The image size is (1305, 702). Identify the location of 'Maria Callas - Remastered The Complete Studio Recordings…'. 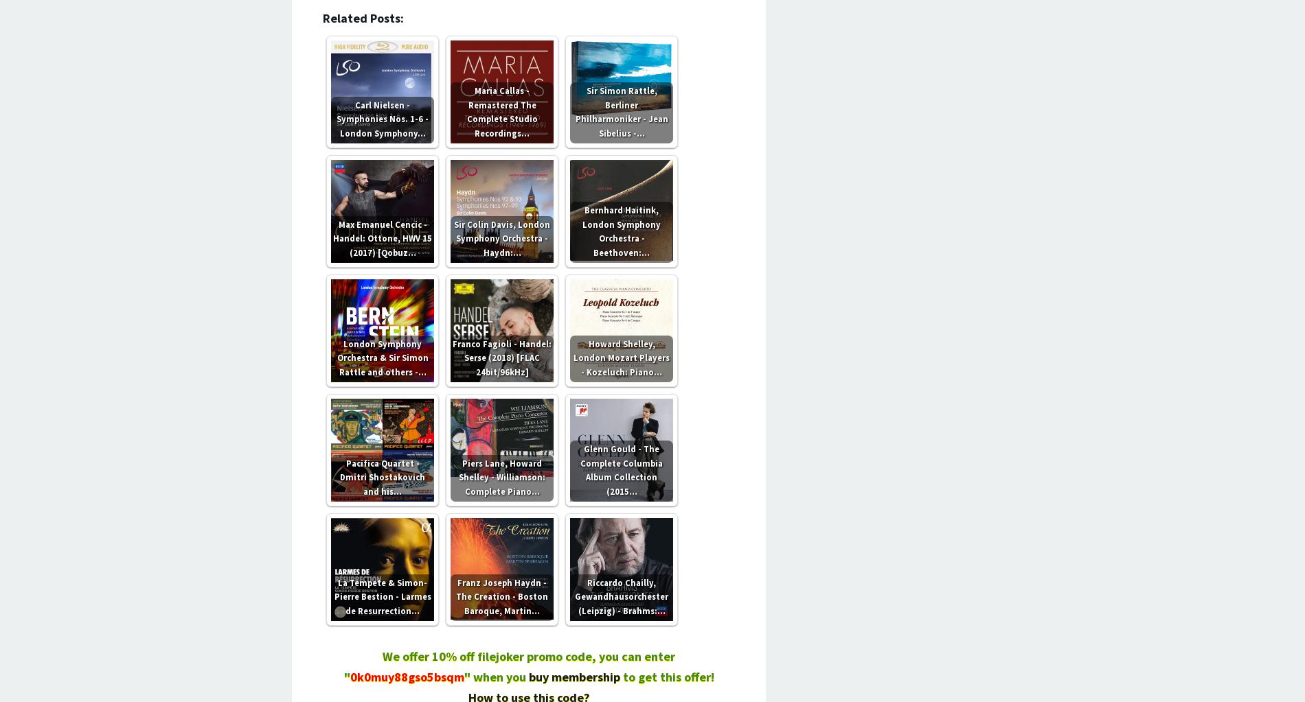
(501, 111).